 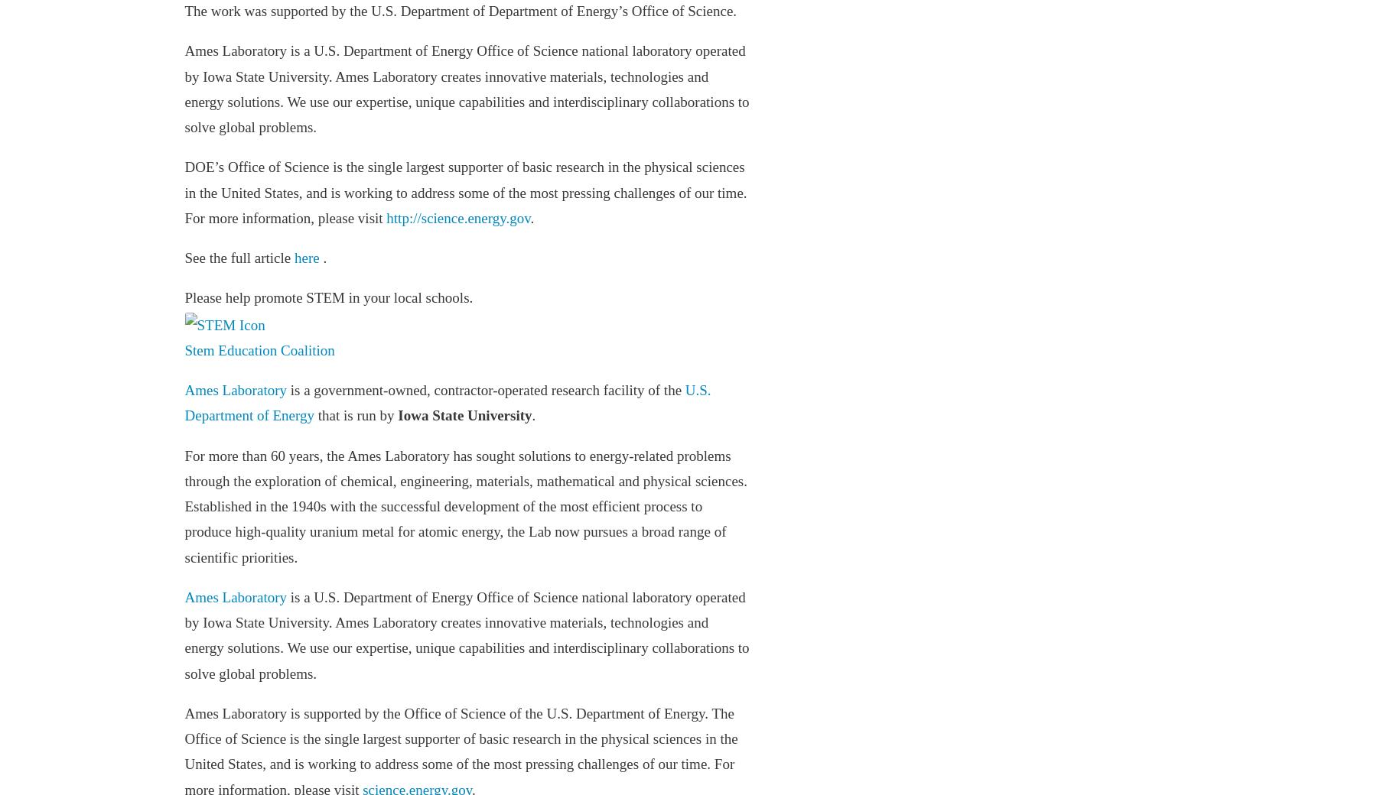 What do you see at coordinates (464, 414) in the screenshot?
I see `'Iowa State University'` at bounding box center [464, 414].